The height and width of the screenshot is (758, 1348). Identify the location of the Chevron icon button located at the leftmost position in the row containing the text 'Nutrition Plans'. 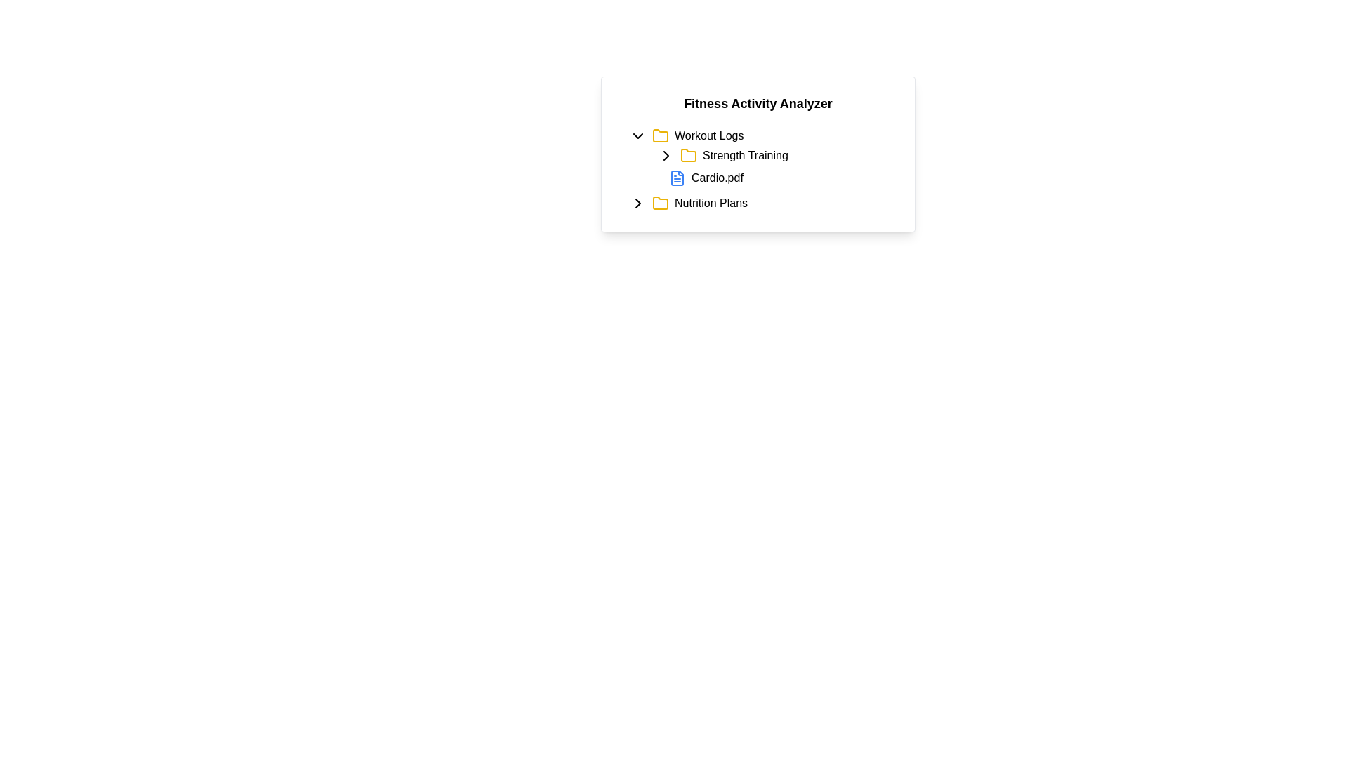
(637, 203).